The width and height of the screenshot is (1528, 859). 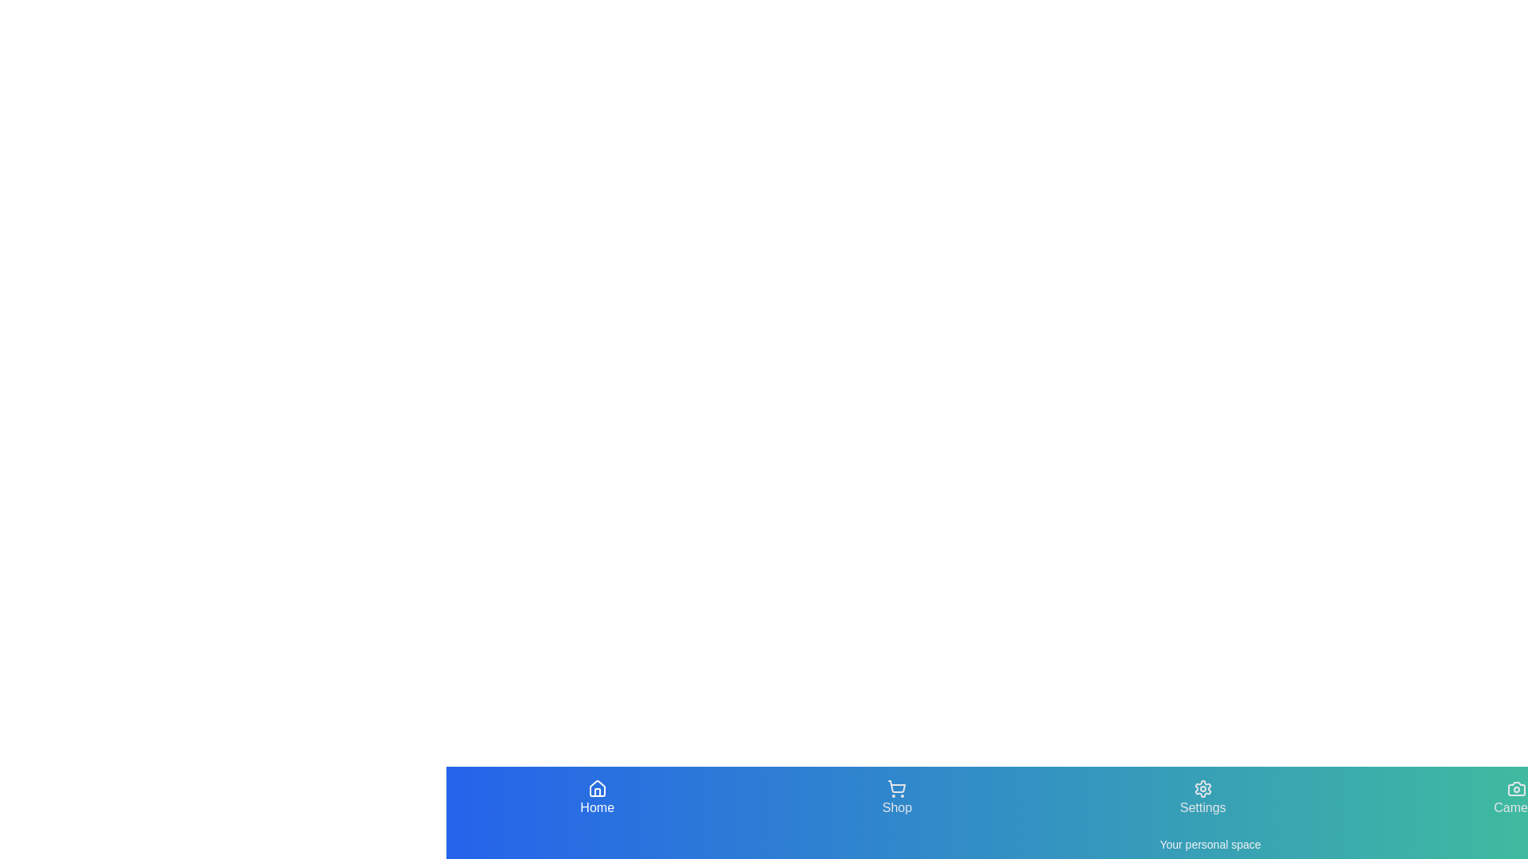 I want to click on the Home navigation tab by clicking on it, so click(x=596, y=798).